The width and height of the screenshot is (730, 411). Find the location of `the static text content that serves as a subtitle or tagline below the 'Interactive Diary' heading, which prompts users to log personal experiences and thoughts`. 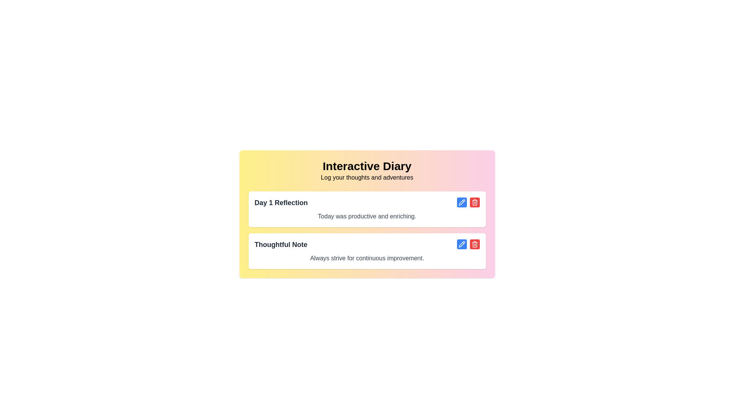

the static text content that serves as a subtitle or tagline below the 'Interactive Diary' heading, which prompts users to log personal experiences and thoughts is located at coordinates (367, 177).